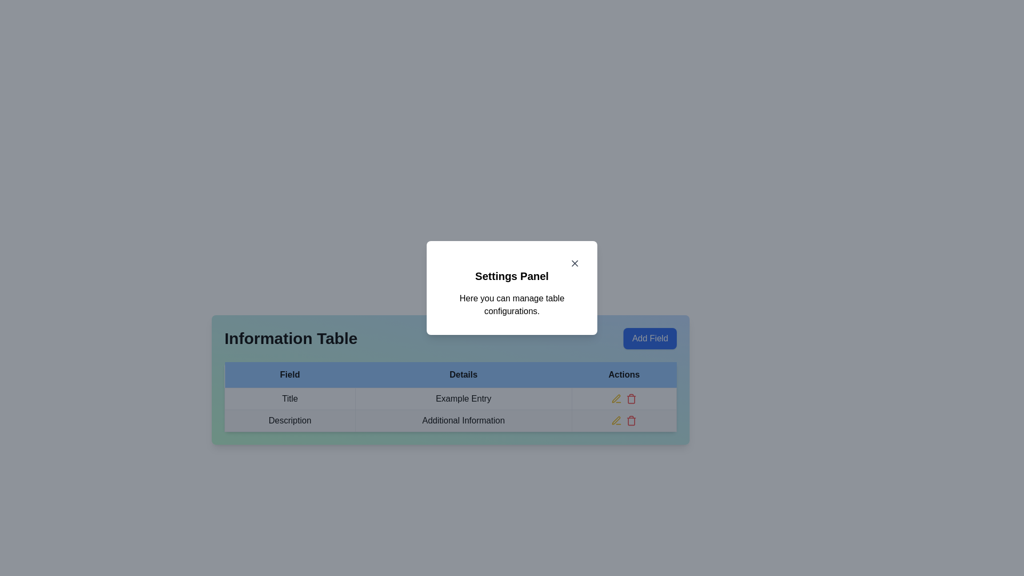 The width and height of the screenshot is (1024, 576). What do you see at coordinates (450, 399) in the screenshot?
I see `the static text display in the 'Details' column corresponding to the 'Title' field in the information table` at bounding box center [450, 399].